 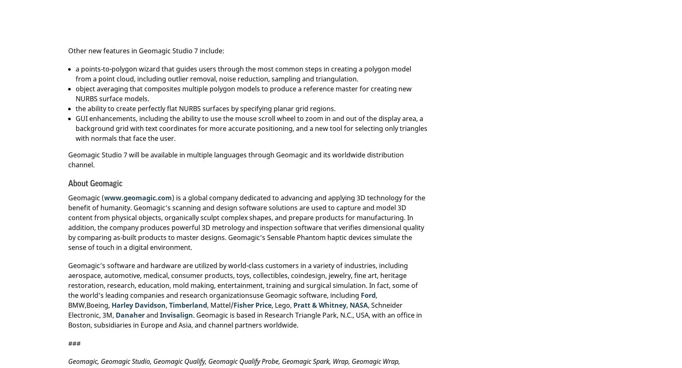 I want to click on 'NASA', so click(x=359, y=305).